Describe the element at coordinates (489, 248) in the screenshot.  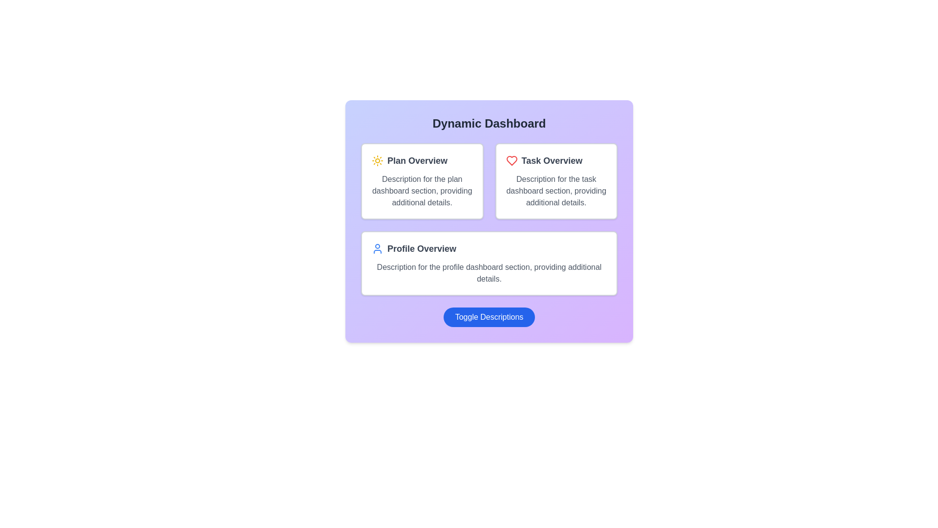
I see `the 'Profile Overview' section` at that location.